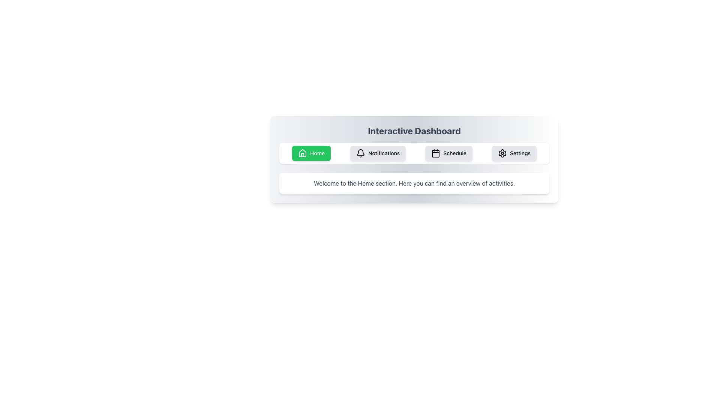  I want to click on the small rectangular icon component with rounded corners, styled in light gray, located within the calendar icon beneath the 'Schedule' title in the navigation bar, so click(436, 153).